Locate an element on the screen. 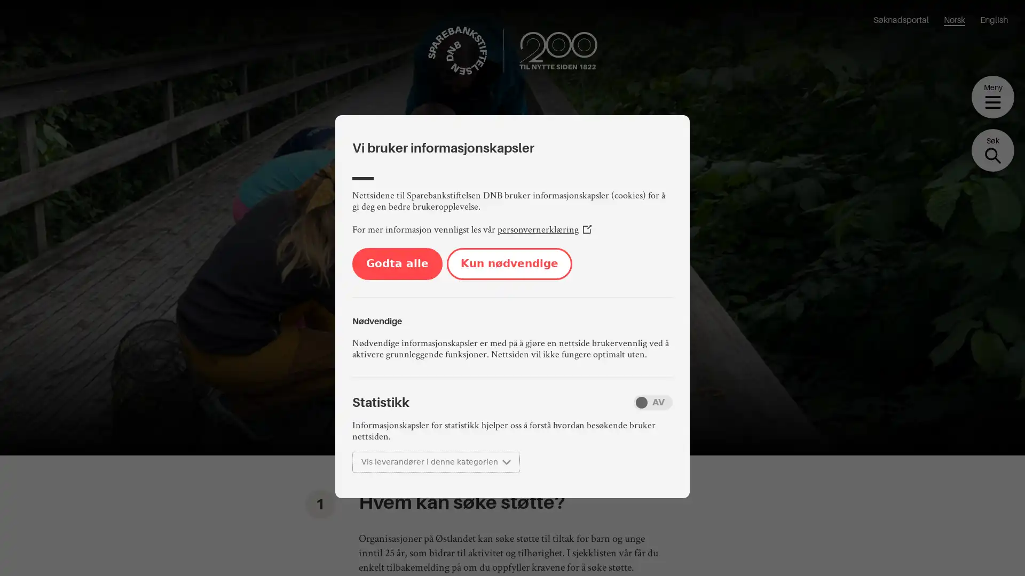 The height and width of the screenshot is (576, 1025). Godta alle is located at coordinates (397, 263).